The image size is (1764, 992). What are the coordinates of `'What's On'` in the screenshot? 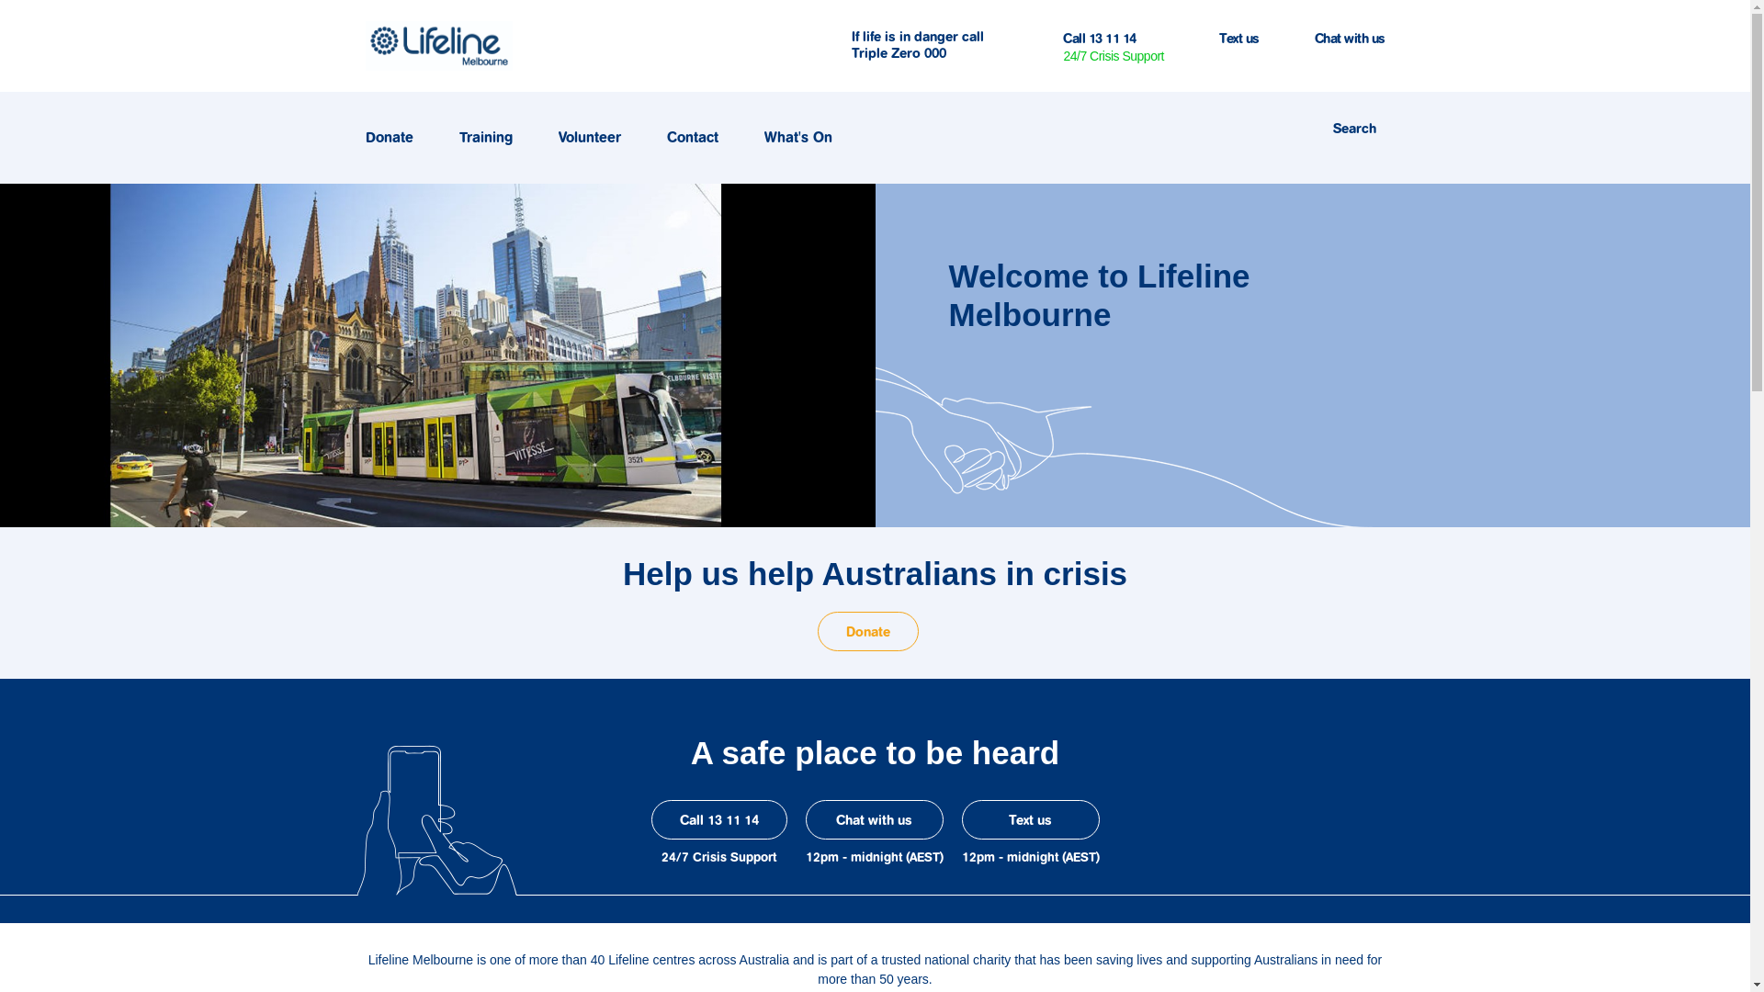 It's located at (807, 137).